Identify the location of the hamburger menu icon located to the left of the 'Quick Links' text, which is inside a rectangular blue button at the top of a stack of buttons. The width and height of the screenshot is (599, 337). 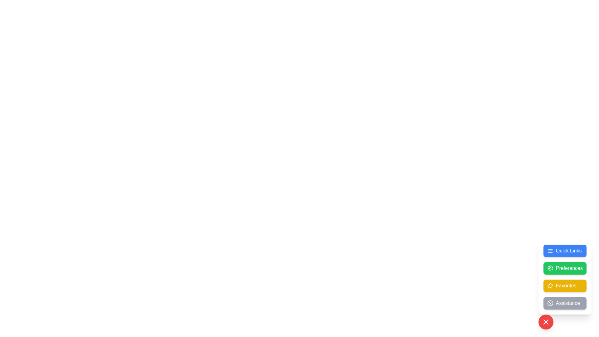
(550, 250).